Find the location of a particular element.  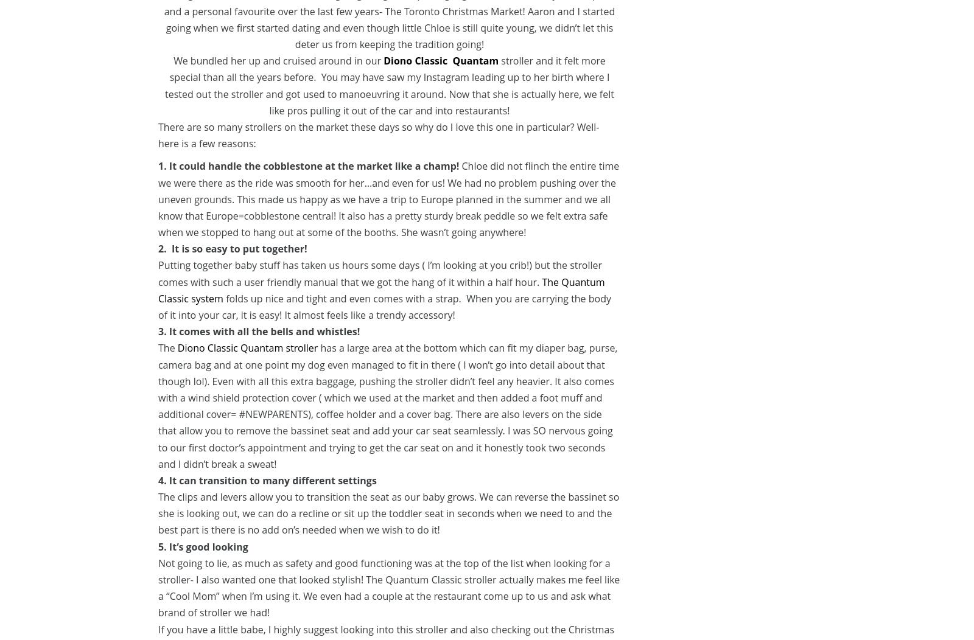

'Chloe did not flinch the entire time we were there as the ride was smooth for her…and even for us! We had no problem pushing over the uneven grounds. This made us happy as we have a trip to Europe planned in the summer and we all know that Europe=cobblestone central! It also has a pretty sturdy break peddle so we felt extra safe when we stopped to hang out at some of the booths. She wasn’t going anywhere!' is located at coordinates (388, 198).